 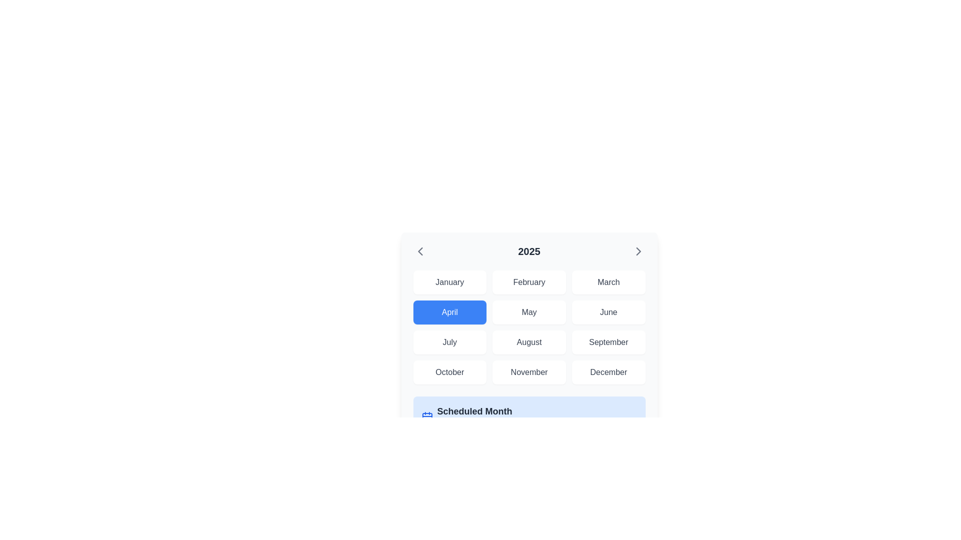 I want to click on the forward navigation button located to the right of the year '2025', so click(x=638, y=250).